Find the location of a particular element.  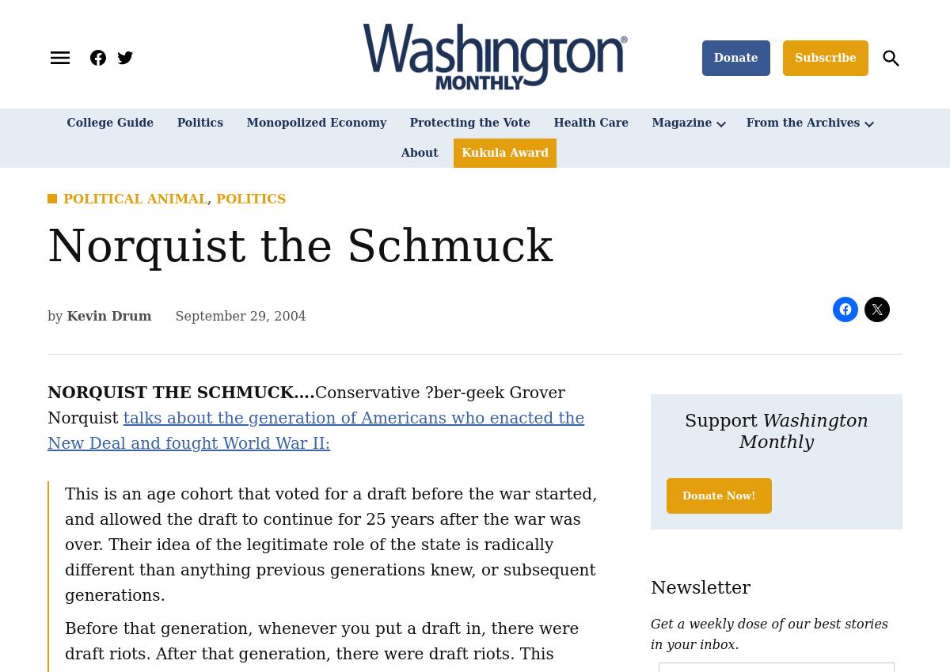

'From the Archives' is located at coordinates (803, 123).